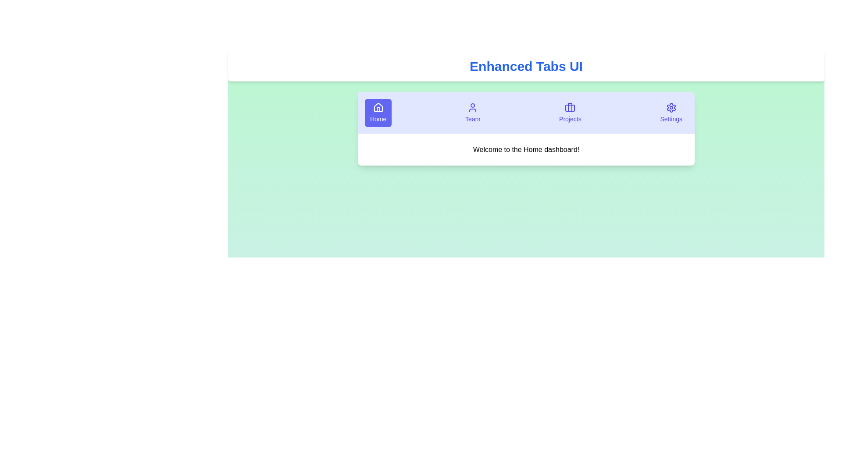 The width and height of the screenshot is (842, 473). I want to click on the 'Team' tab in the navigation bar, which serves as a static text label indicating its purpose related to team functionalities, so click(472, 119).